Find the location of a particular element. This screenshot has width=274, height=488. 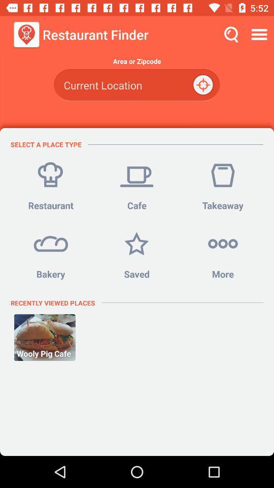

icon above area or zipcode item is located at coordinates (260, 35).